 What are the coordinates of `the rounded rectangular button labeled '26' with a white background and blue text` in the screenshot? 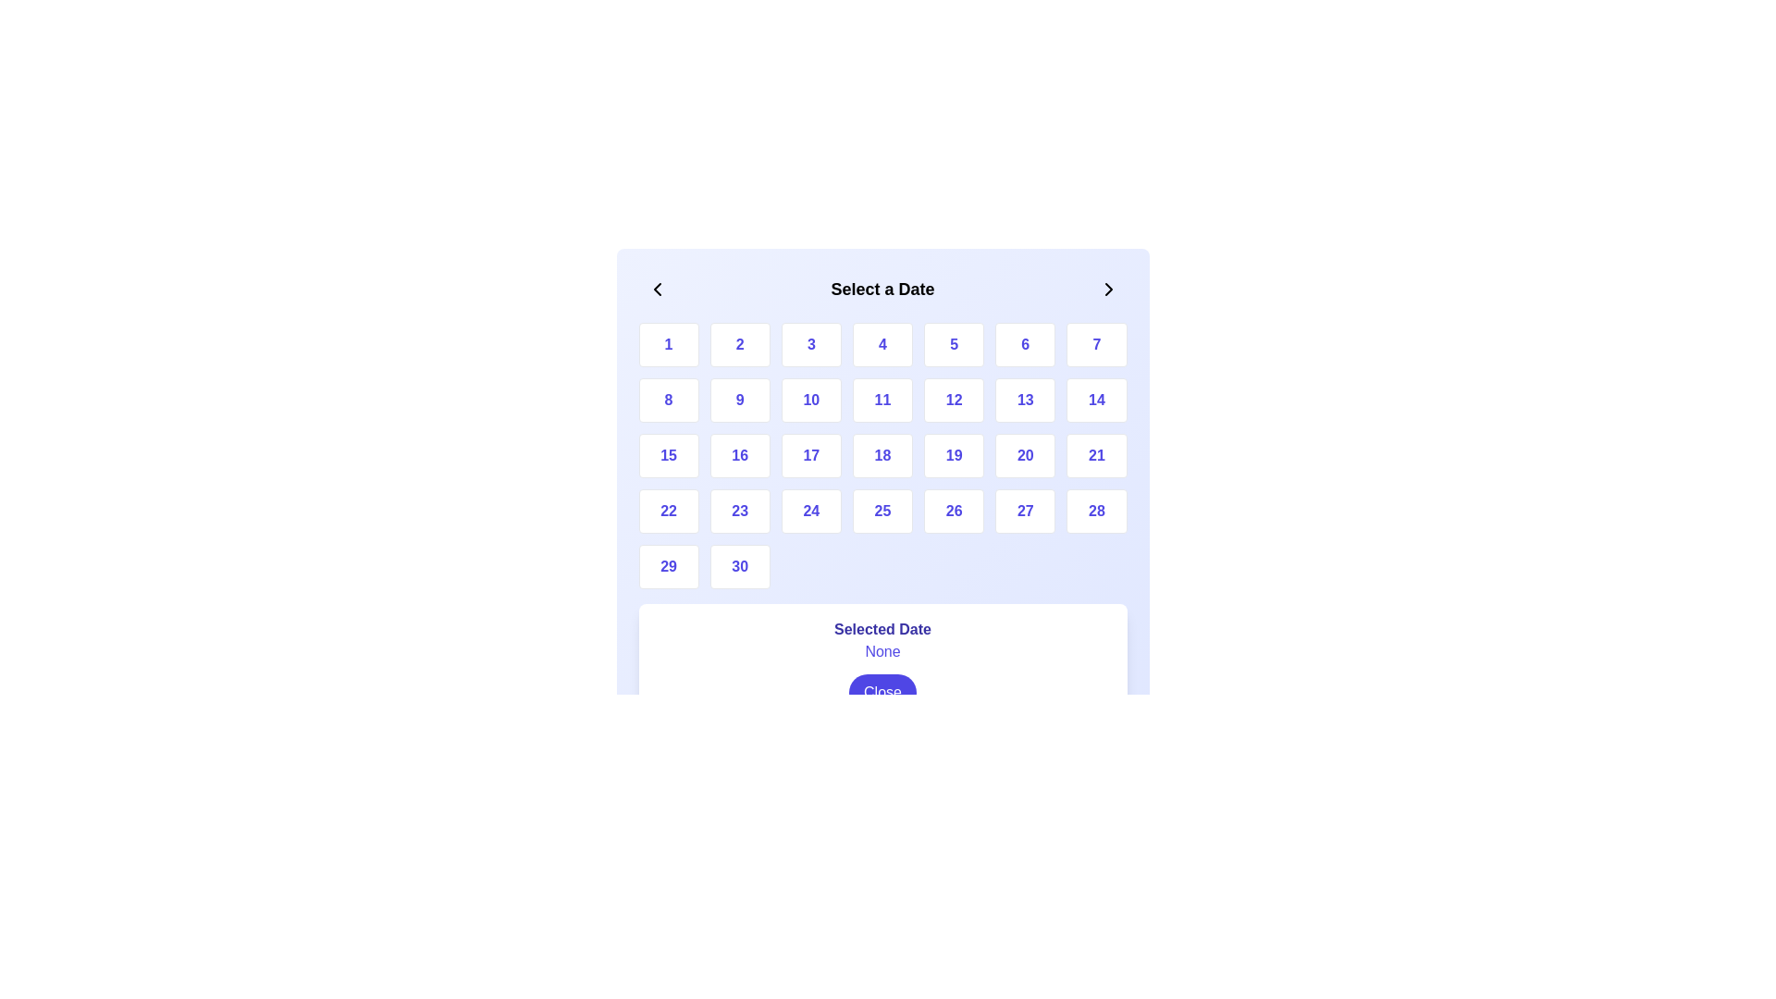 It's located at (954, 511).